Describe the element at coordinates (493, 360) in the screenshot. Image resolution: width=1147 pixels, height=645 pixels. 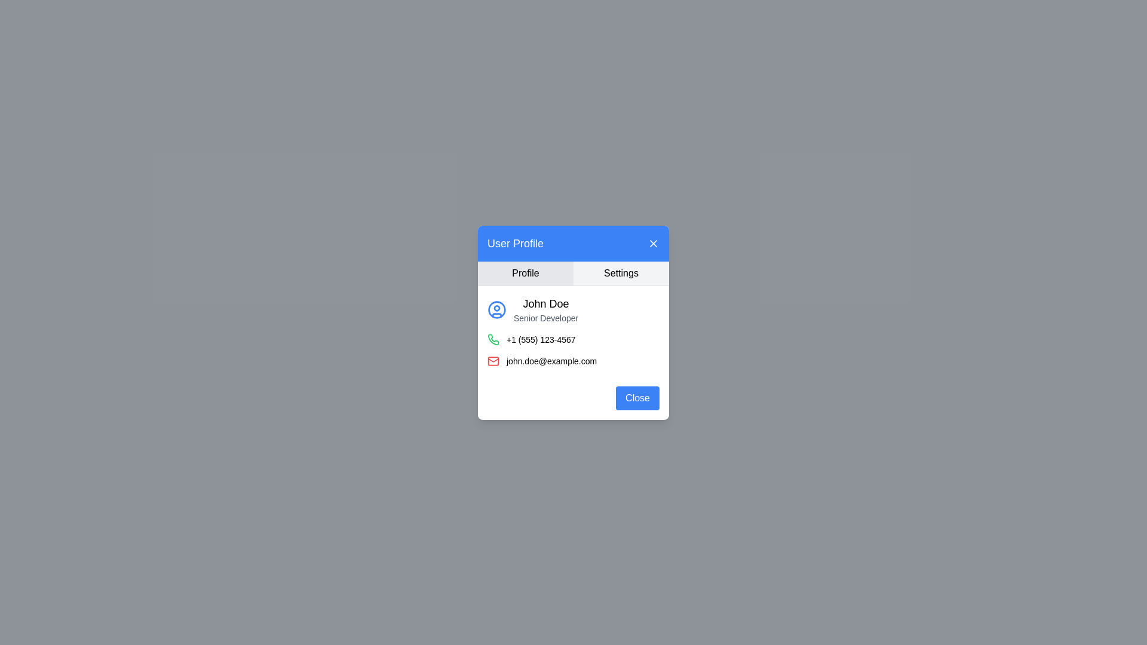
I see `the email address icon located in the lower section of the 'User Profile' dialog, which visually indicates the email address` at that location.